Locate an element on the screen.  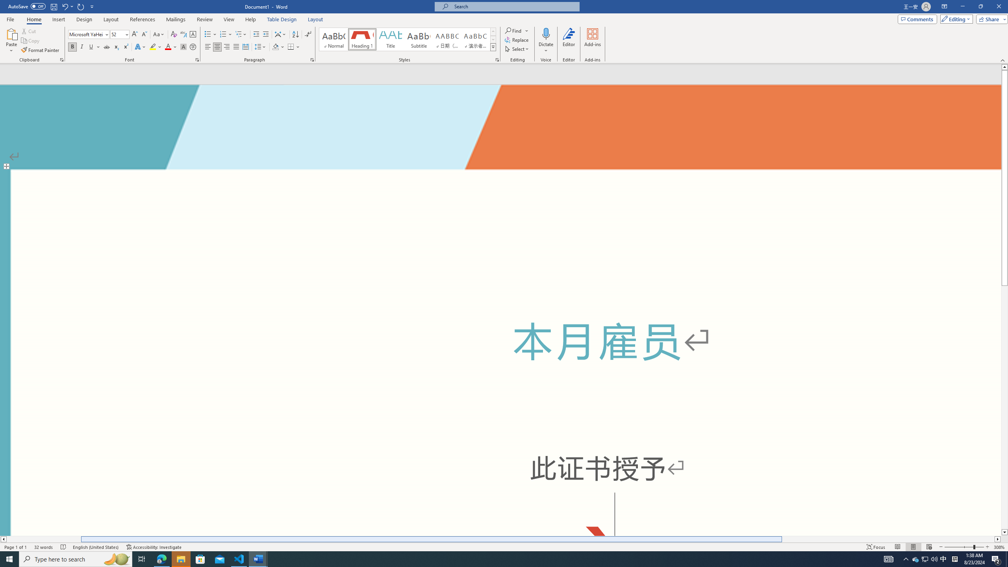
'Character Border' is located at coordinates (193, 34).